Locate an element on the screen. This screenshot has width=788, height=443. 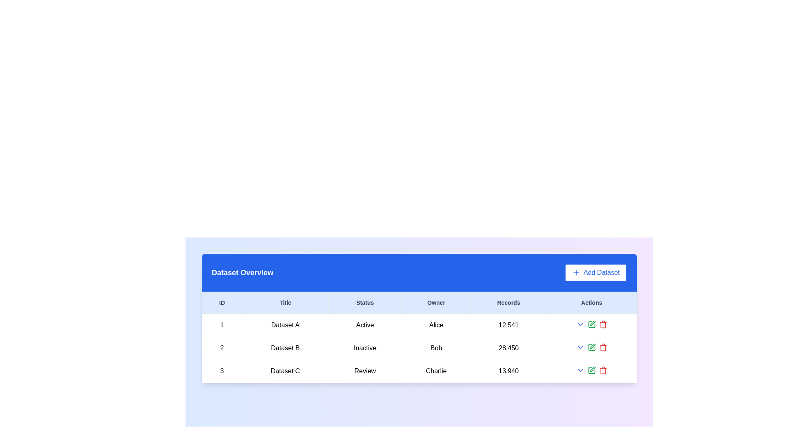
the title label of the dataset entry with ID '1' in the 'Dataset Overview' table for accessibility is located at coordinates (285, 325).